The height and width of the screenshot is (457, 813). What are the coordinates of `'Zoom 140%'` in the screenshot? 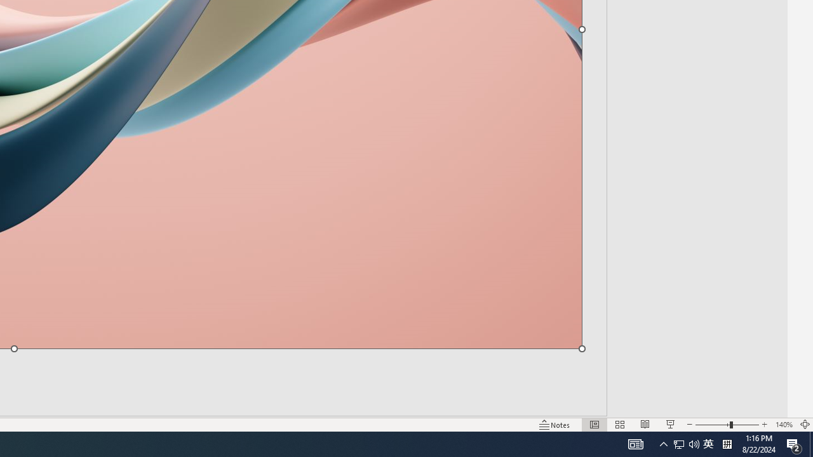 It's located at (783, 425).